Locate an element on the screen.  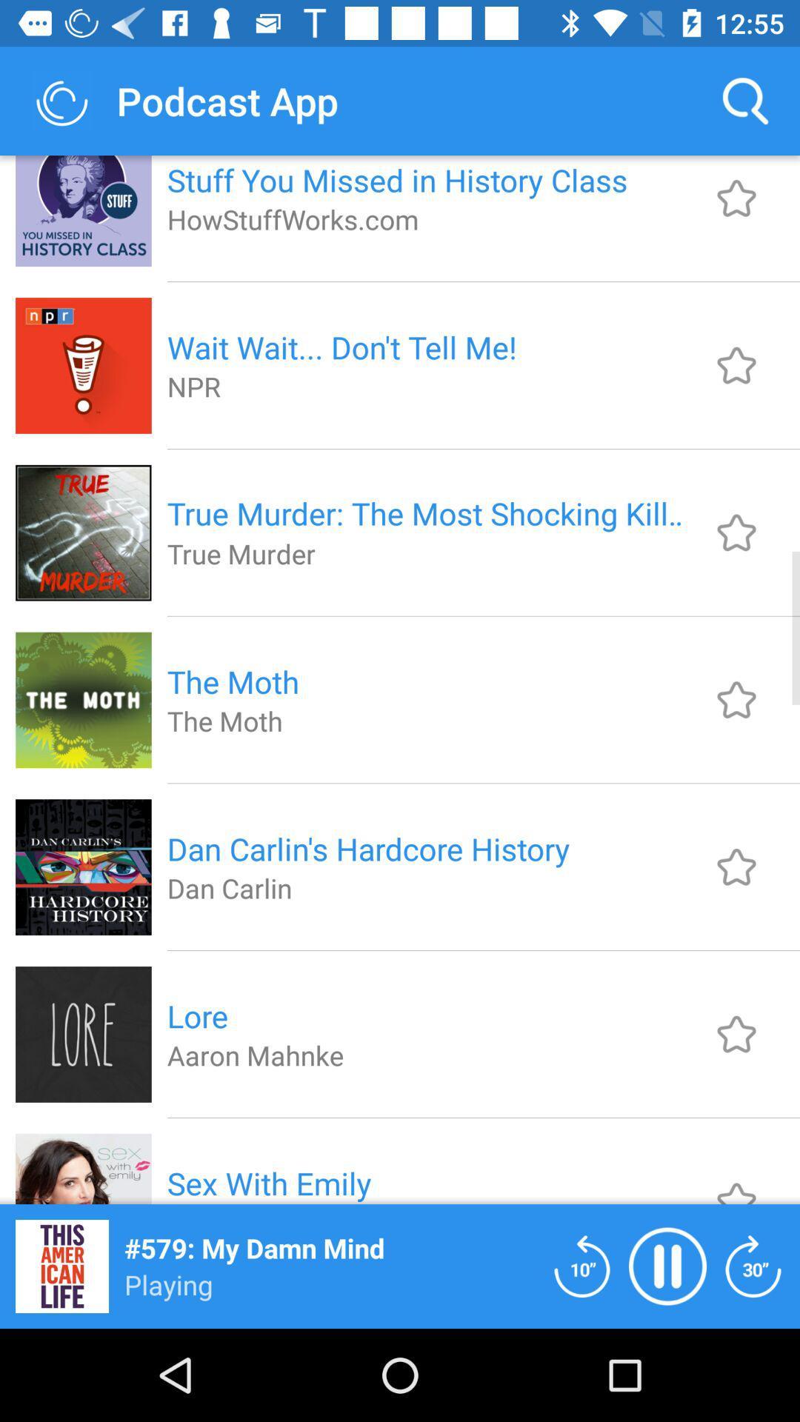
fast foward 30 seconds is located at coordinates (753, 1265).